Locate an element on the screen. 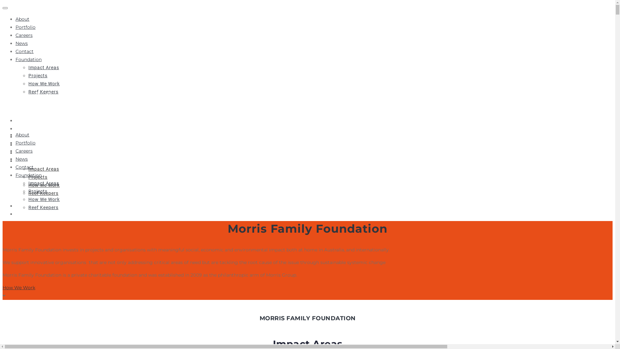 This screenshot has height=349, width=620. 'Contact' is located at coordinates (25, 166).